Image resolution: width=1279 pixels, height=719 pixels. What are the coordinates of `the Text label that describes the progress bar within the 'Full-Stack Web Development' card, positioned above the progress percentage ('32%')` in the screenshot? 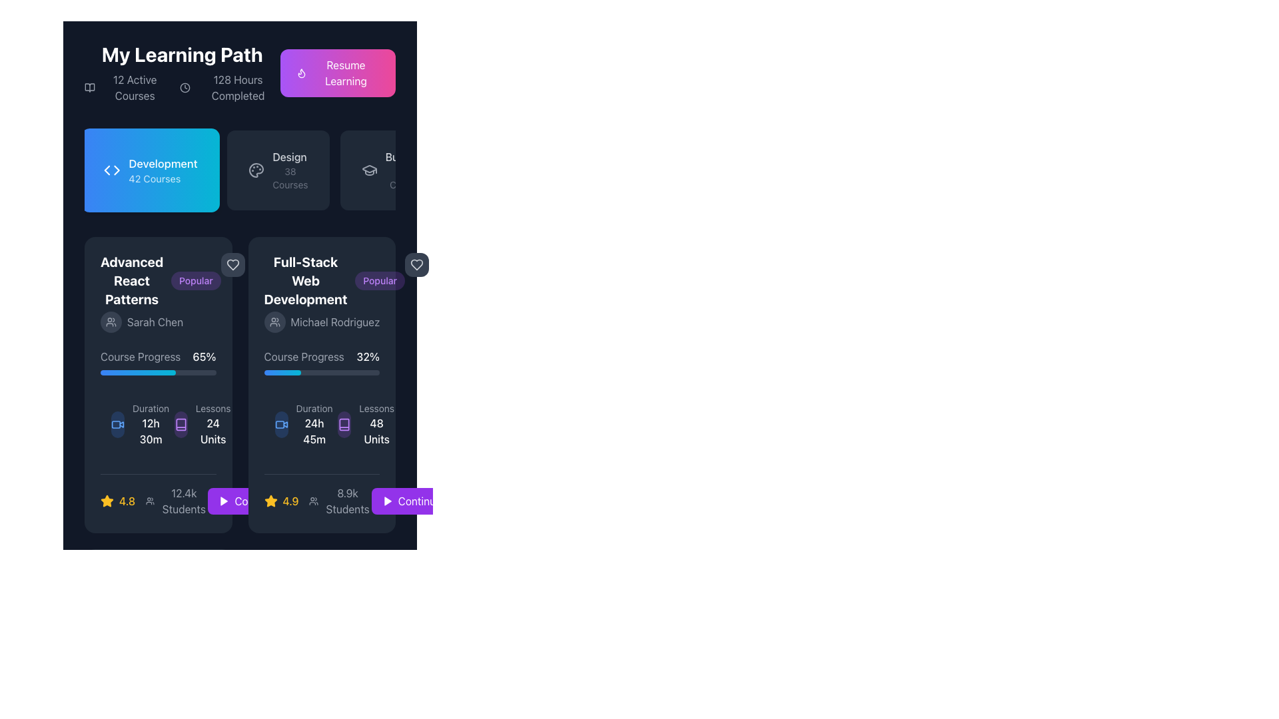 It's located at (303, 356).